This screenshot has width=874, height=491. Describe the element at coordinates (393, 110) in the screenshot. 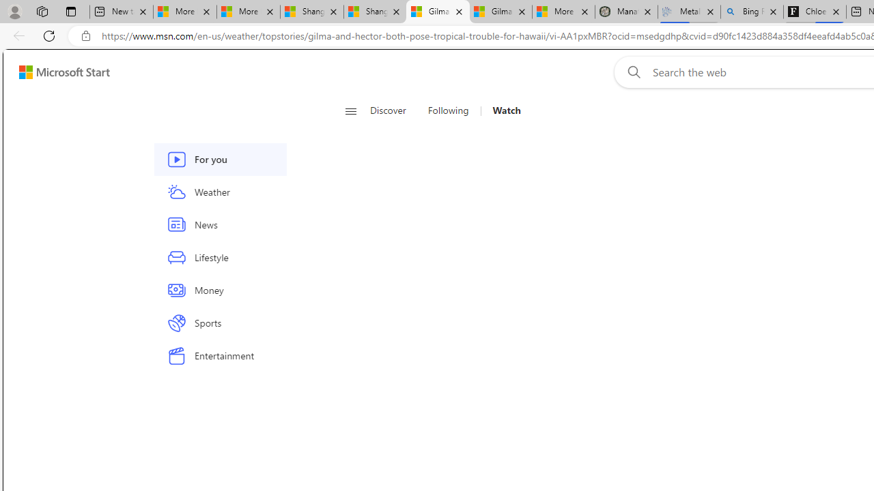

I see `'Discover'` at that location.